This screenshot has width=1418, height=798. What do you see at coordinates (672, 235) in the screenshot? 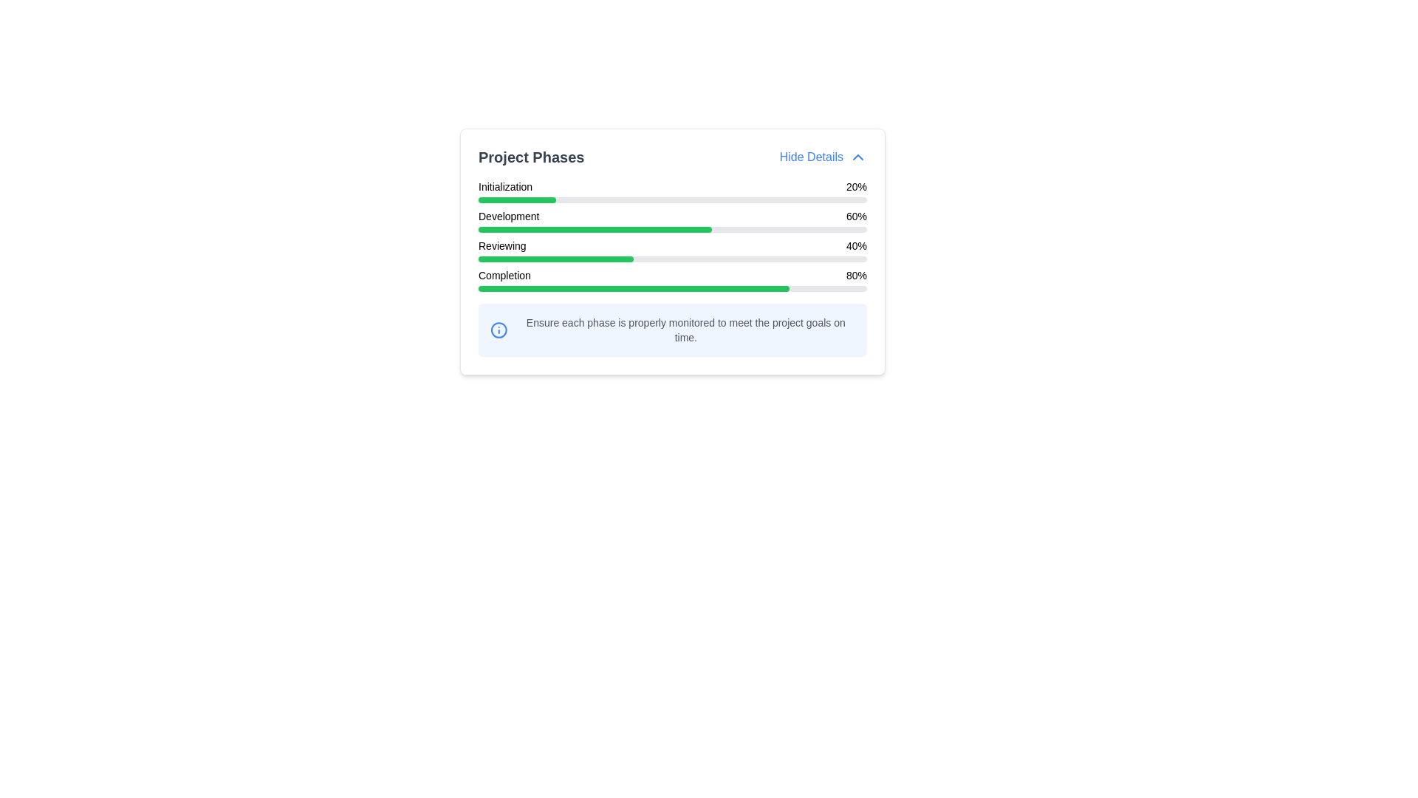
I see `the ProgressBar that visually represents the 60% completion of the 'Development' phase located under the 'Project Phases' header` at bounding box center [672, 235].